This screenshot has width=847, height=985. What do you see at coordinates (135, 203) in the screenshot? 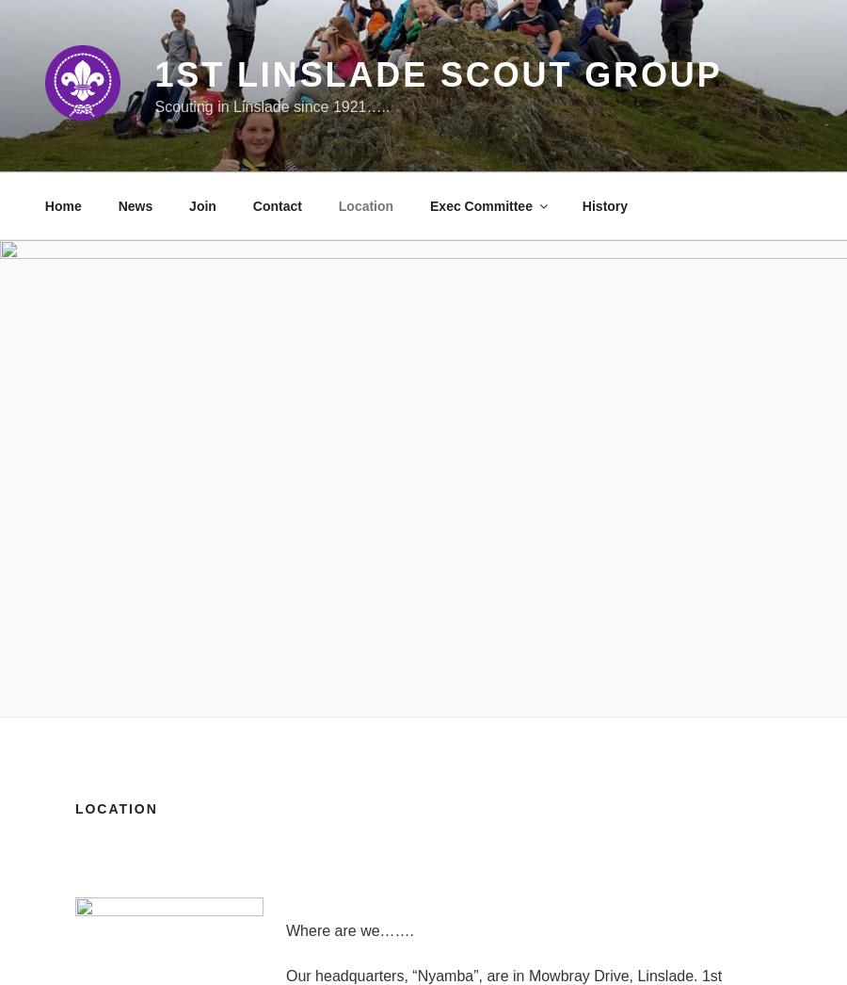
I see `'News'` at bounding box center [135, 203].